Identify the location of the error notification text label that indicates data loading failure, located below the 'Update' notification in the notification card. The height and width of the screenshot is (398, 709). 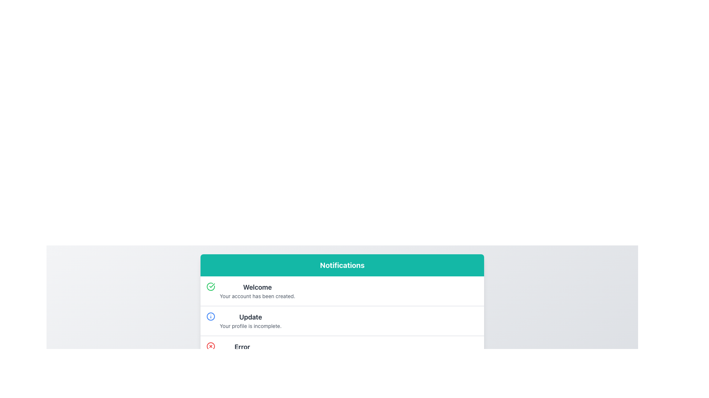
(242, 350).